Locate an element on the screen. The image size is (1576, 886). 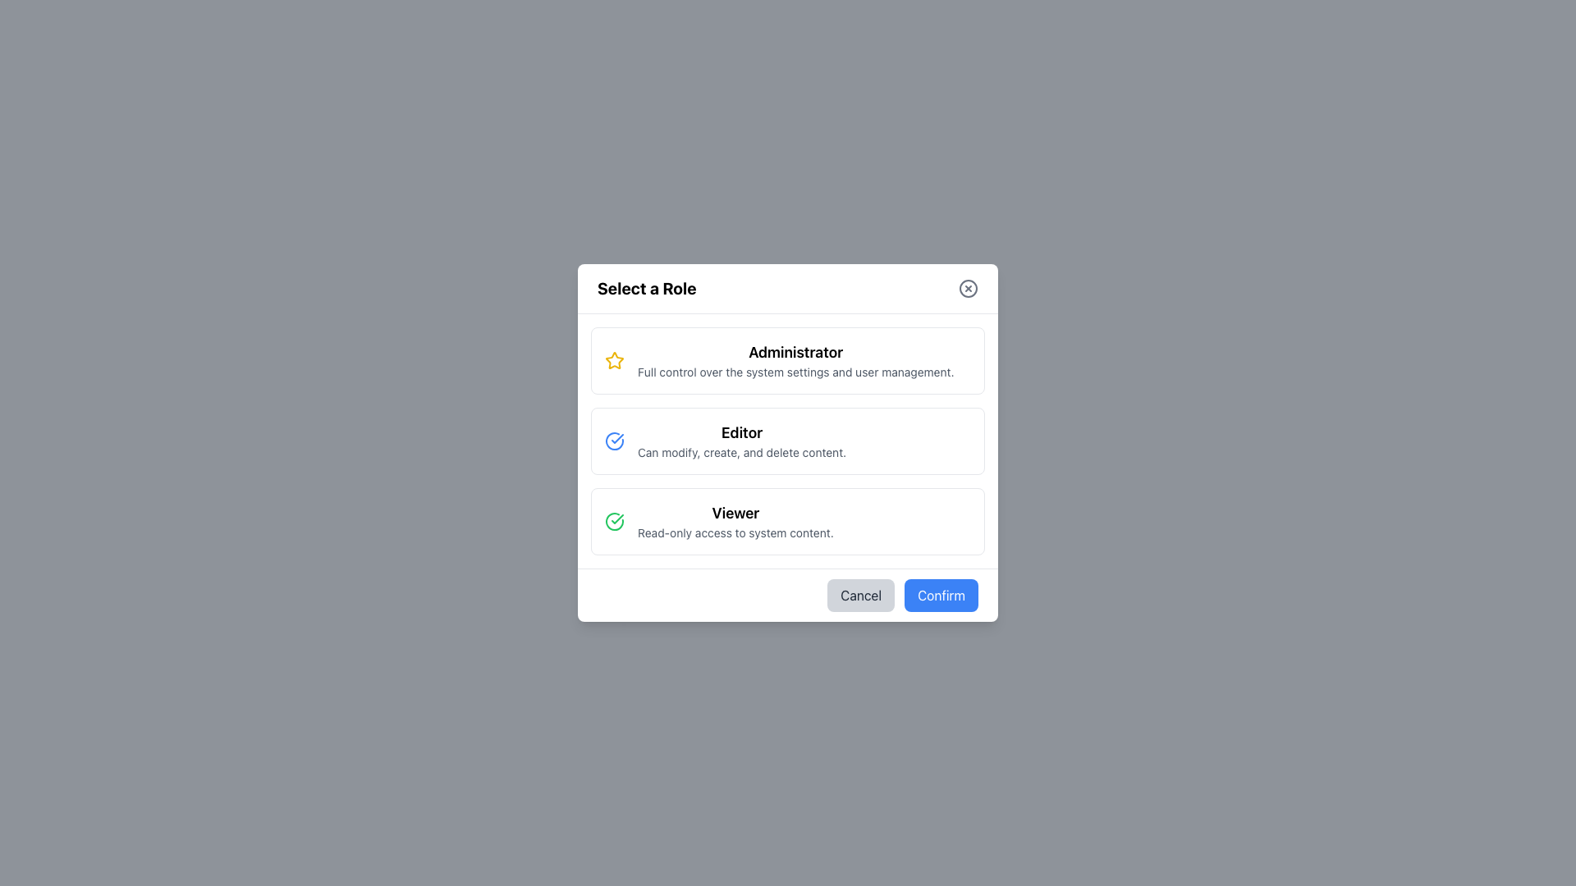
the 'Editor' role selectable list item, which is positioned centrally in the modal dialog and is the second item in a vertical list is located at coordinates (788, 440).